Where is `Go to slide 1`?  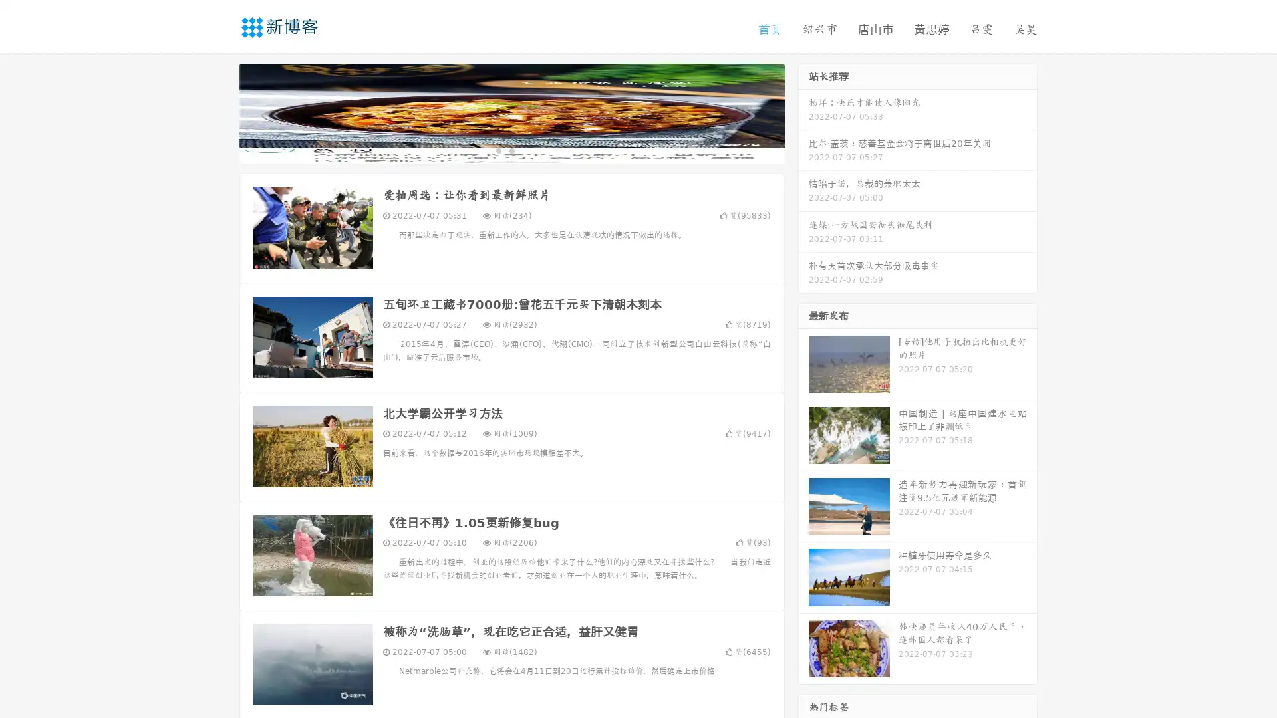 Go to slide 1 is located at coordinates (497, 150).